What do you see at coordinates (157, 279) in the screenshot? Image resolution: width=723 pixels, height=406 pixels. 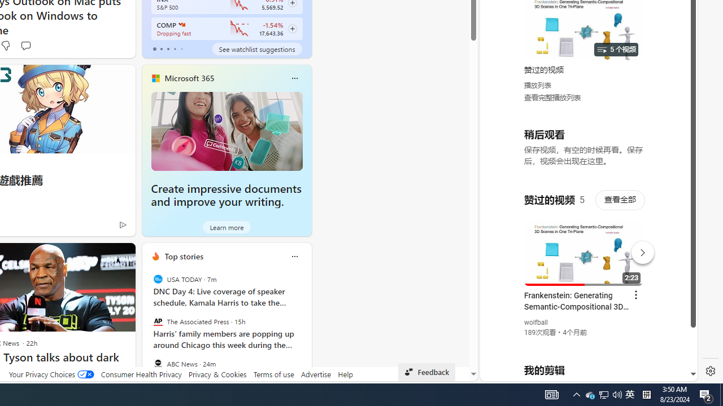 I see `'USA TODAY'` at bounding box center [157, 279].